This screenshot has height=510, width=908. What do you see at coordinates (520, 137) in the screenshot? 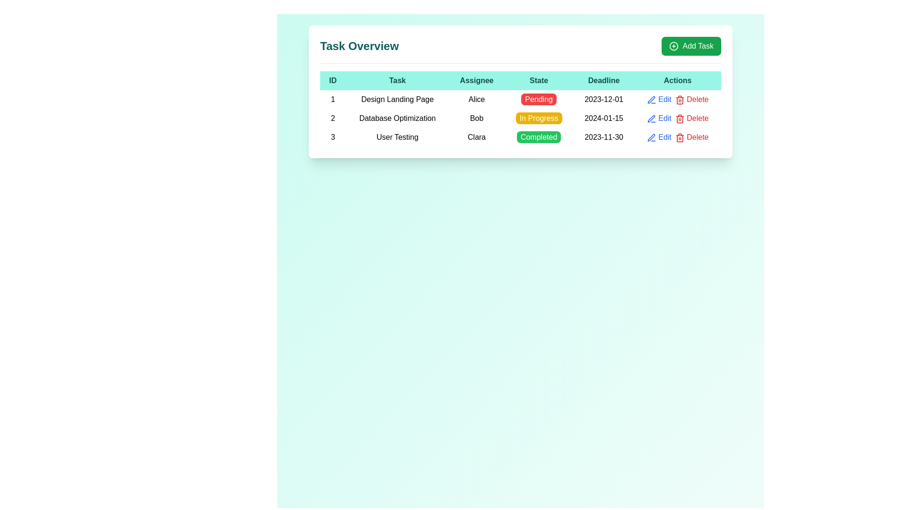
I see `the Status indicator label that shows 'Completed' within the third row of the table under the 'State' column, which is part of a card on a pale green background` at bounding box center [520, 137].